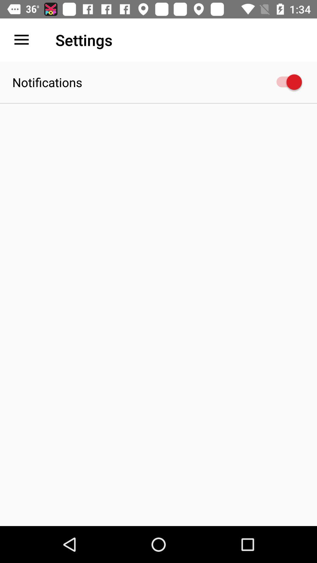 This screenshot has height=563, width=317. I want to click on the icon to the left of the settings item, so click(21, 40).